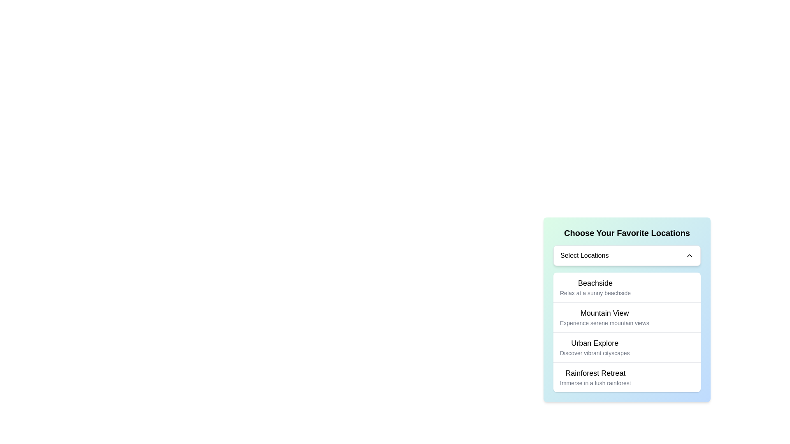  What do you see at coordinates (626, 317) in the screenshot?
I see `the 'Mountain View' option in the selection list` at bounding box center [626, 317].